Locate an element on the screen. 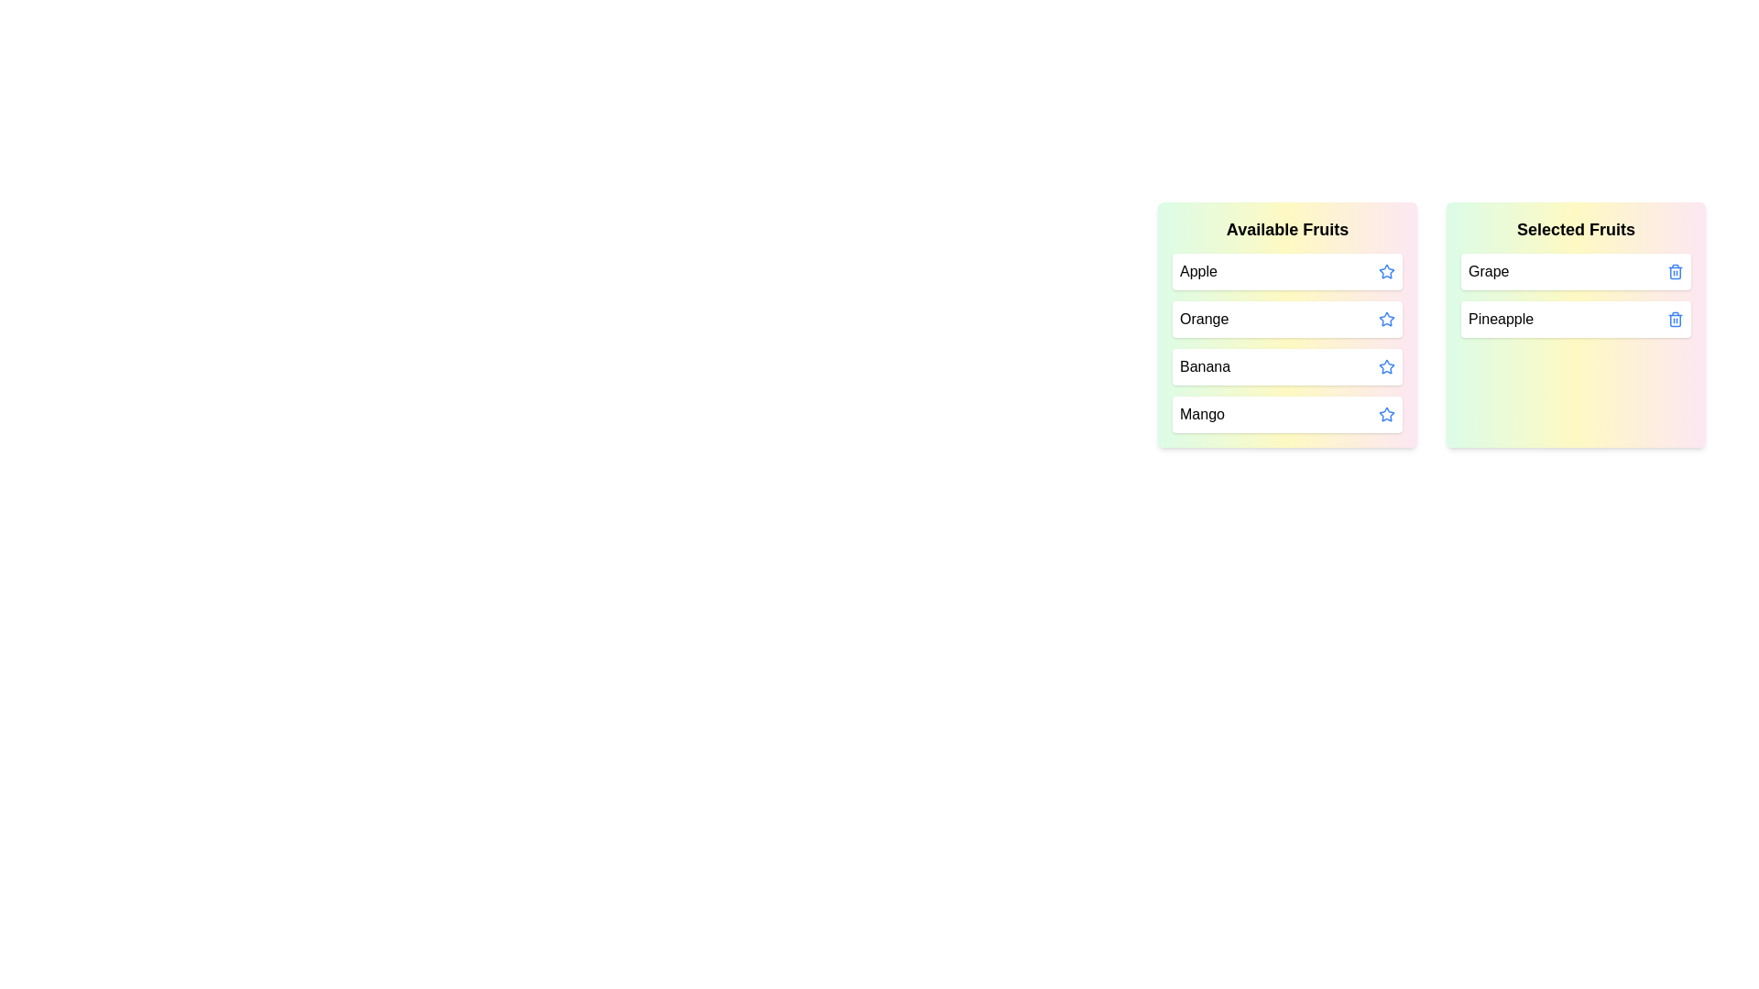 This screenshot has height=989, width=1759. the star icon of the fruit Banana to move it to the 'Selected Fruits' list is located at coordinates (1386, 367).